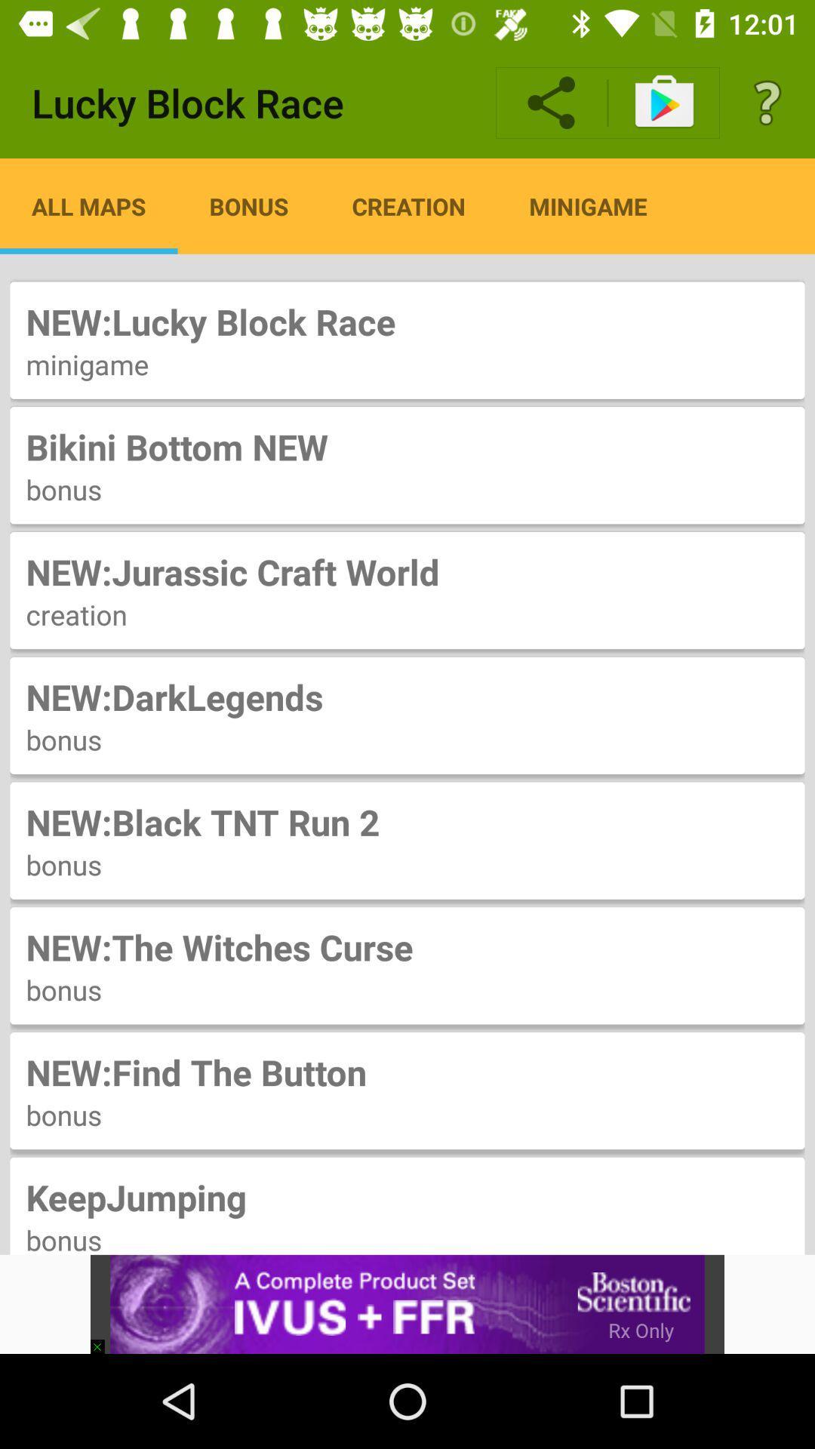 The height and width of the screenshot is (1449, 815). What do you see at coordinates (407, 1196) in the screenshot?
I see `the keepjumping item` at bounding box center [407, 1196].